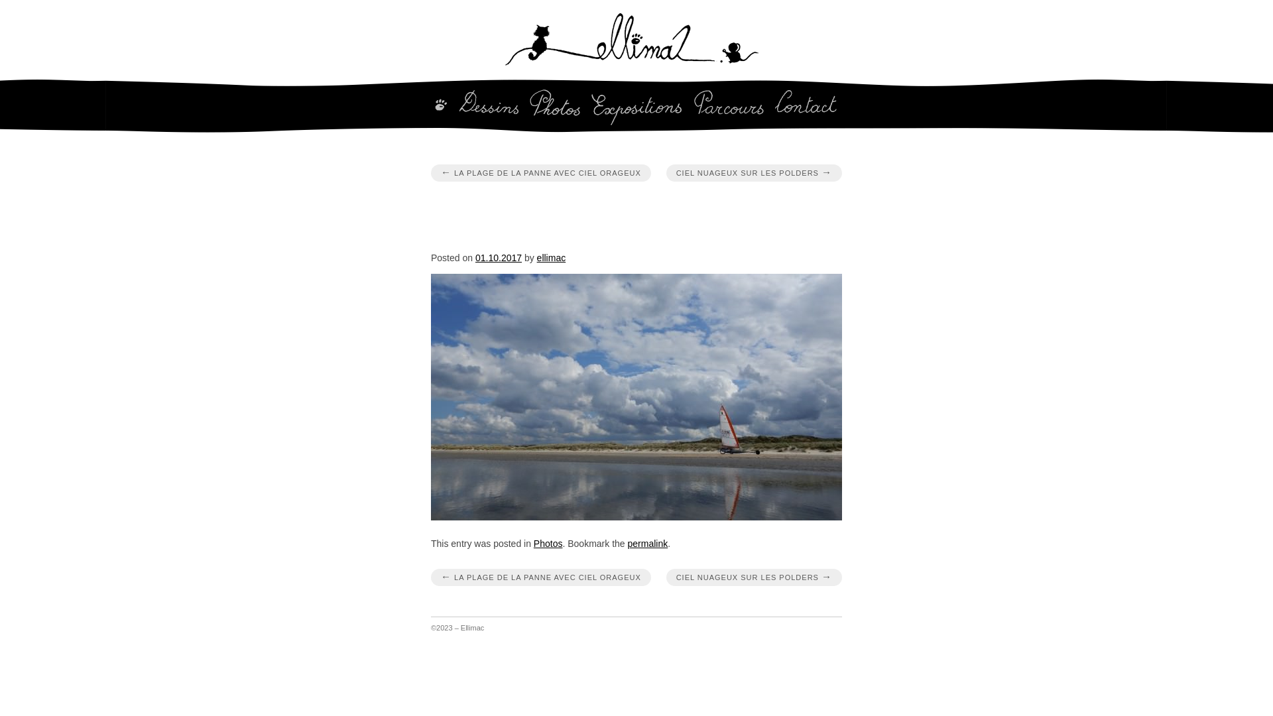  What do you see at coordinates (808, 107) in the screenshot?
I see `'Contact'` at bounding box center [808, 107].